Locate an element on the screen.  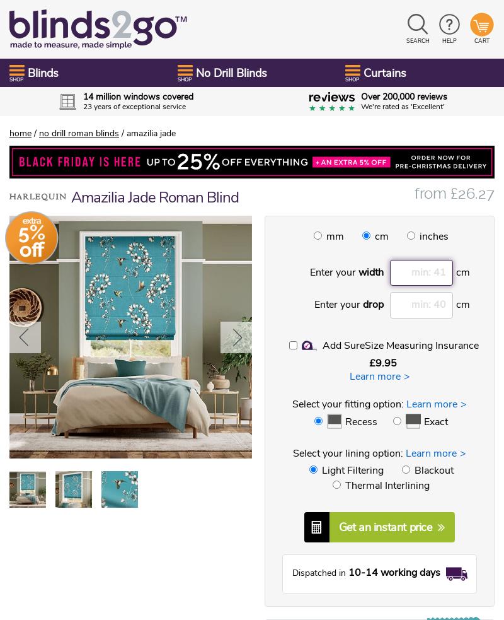
'Can't fault them' is located at coordinates (88, 259).